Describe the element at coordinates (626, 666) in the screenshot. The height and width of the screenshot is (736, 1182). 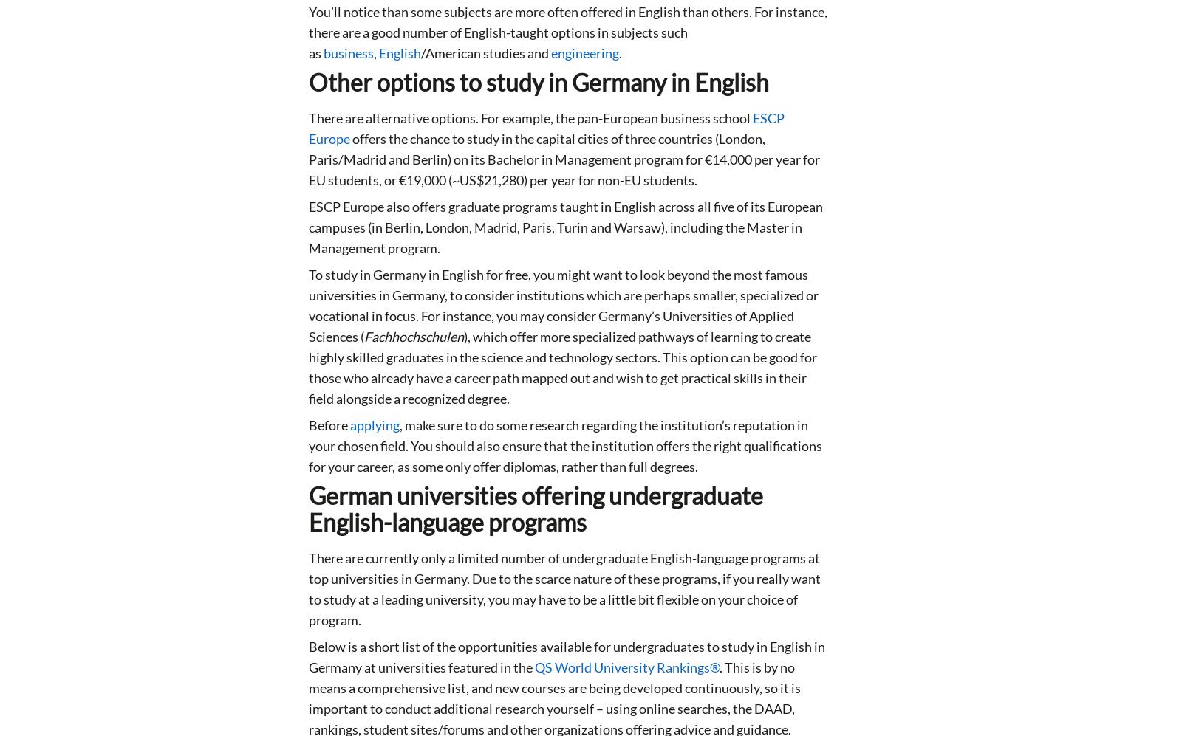
I see `'QS World University Rankings®'` at that location.